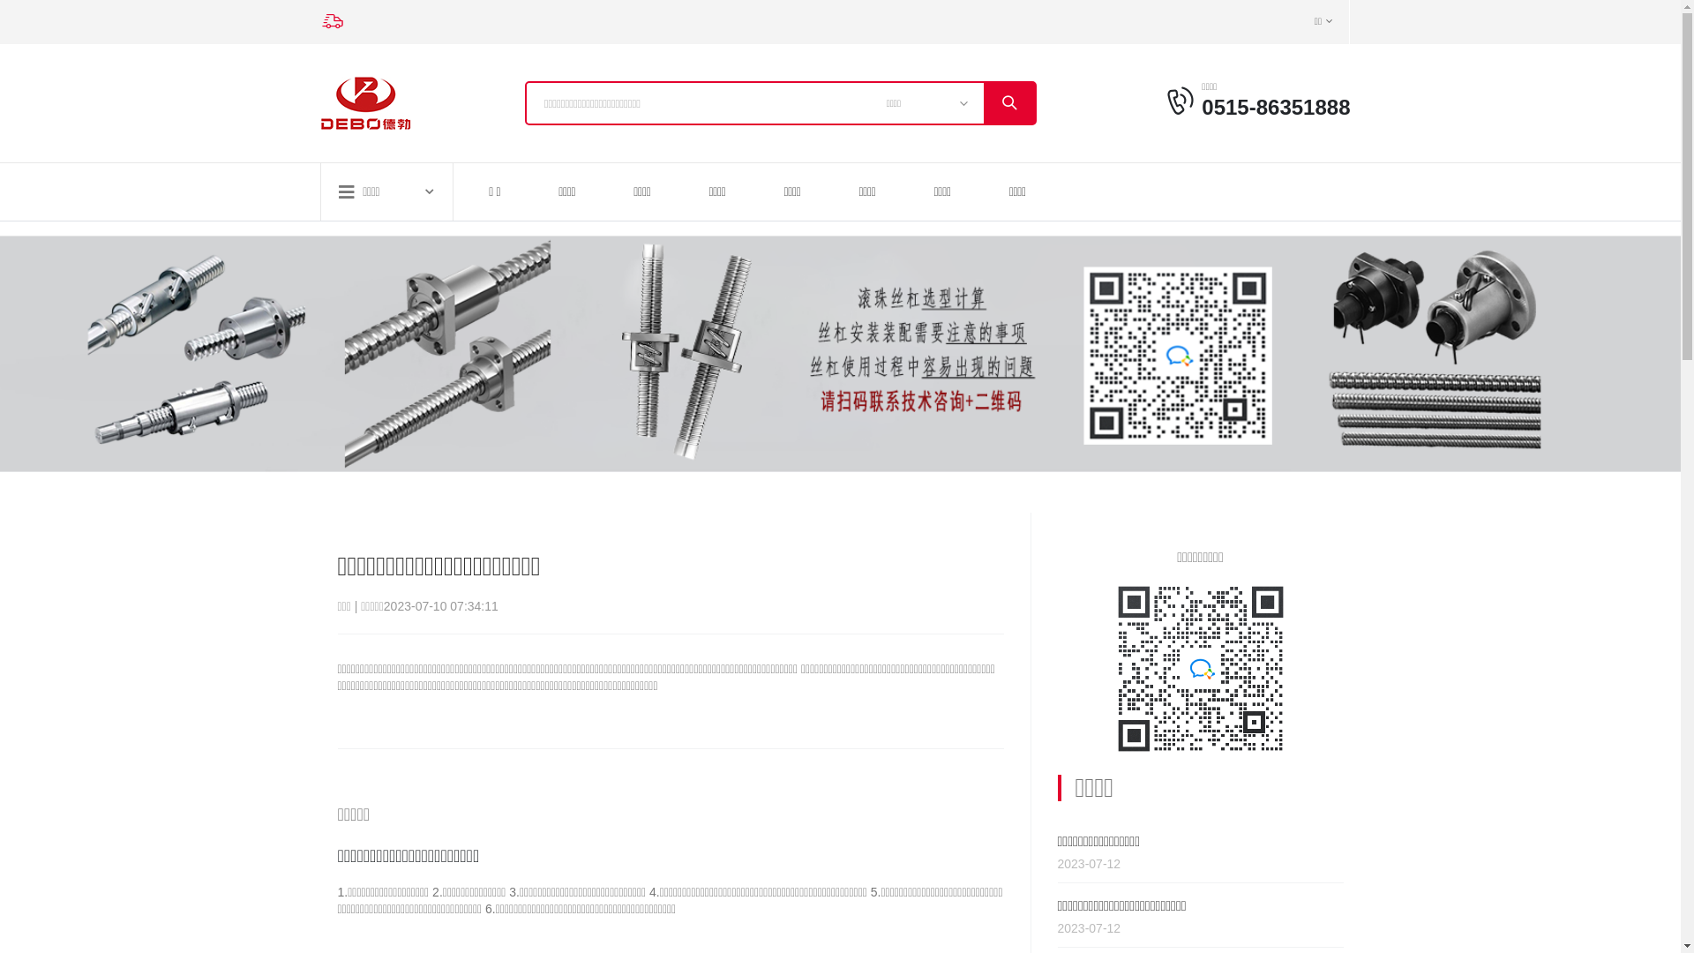  What do you see at coordinates (1008, 102) in the screenshot?
I see `'search'` at bounding box center [1008, 102].